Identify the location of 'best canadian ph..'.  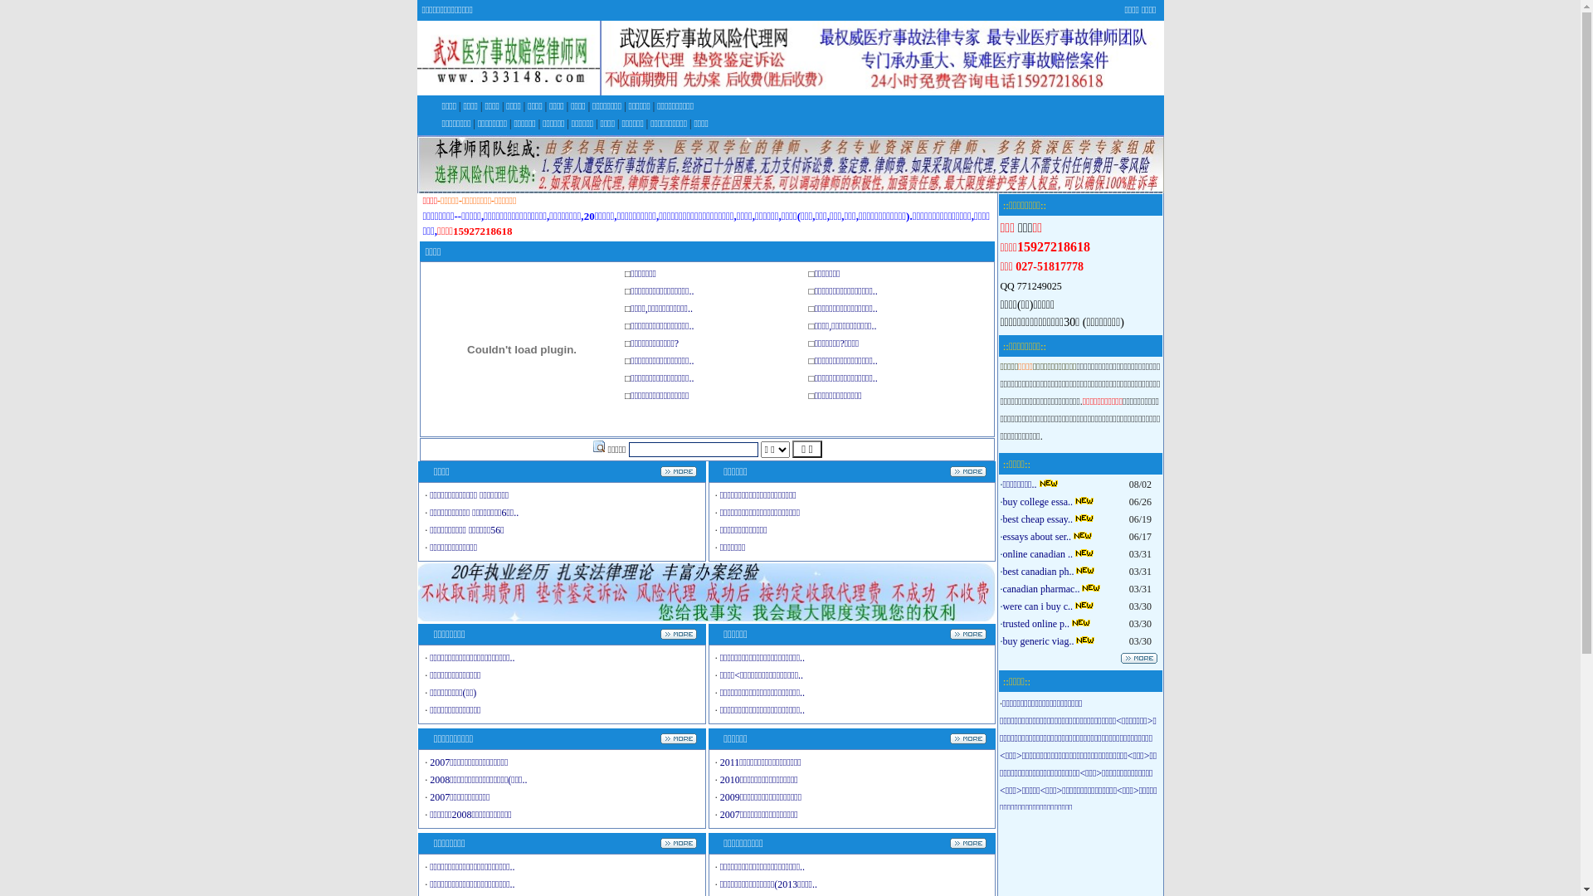
(1037, 571).